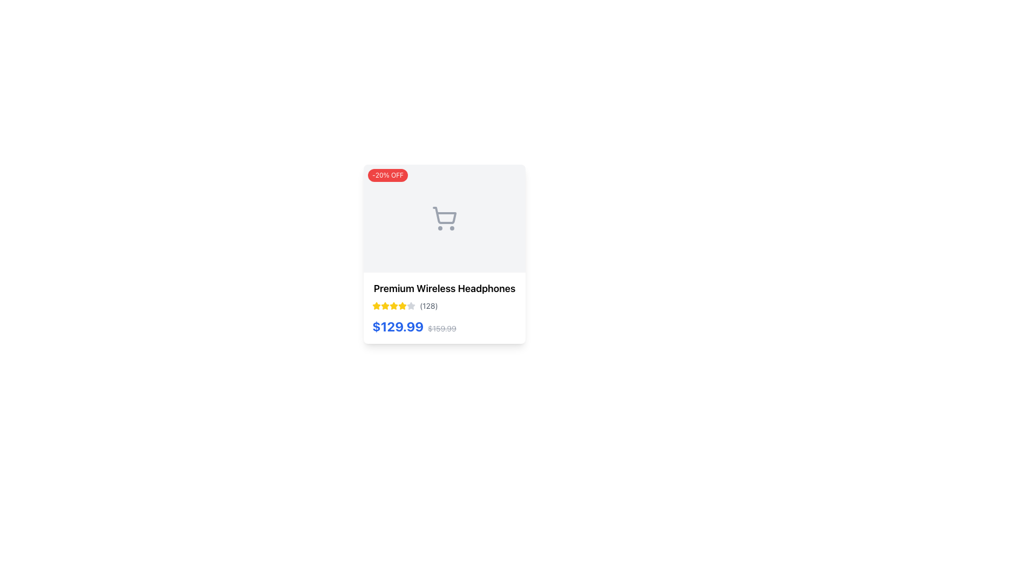 This screenshot has width=1036, height=583. What do you see at coordinates (442, 328) in the screenshot?
I see `the text label displaying the original price of the product, which is located to the right of the '$129.99' price label and is aligned with the discounted price` at bounding box center [442, 328].